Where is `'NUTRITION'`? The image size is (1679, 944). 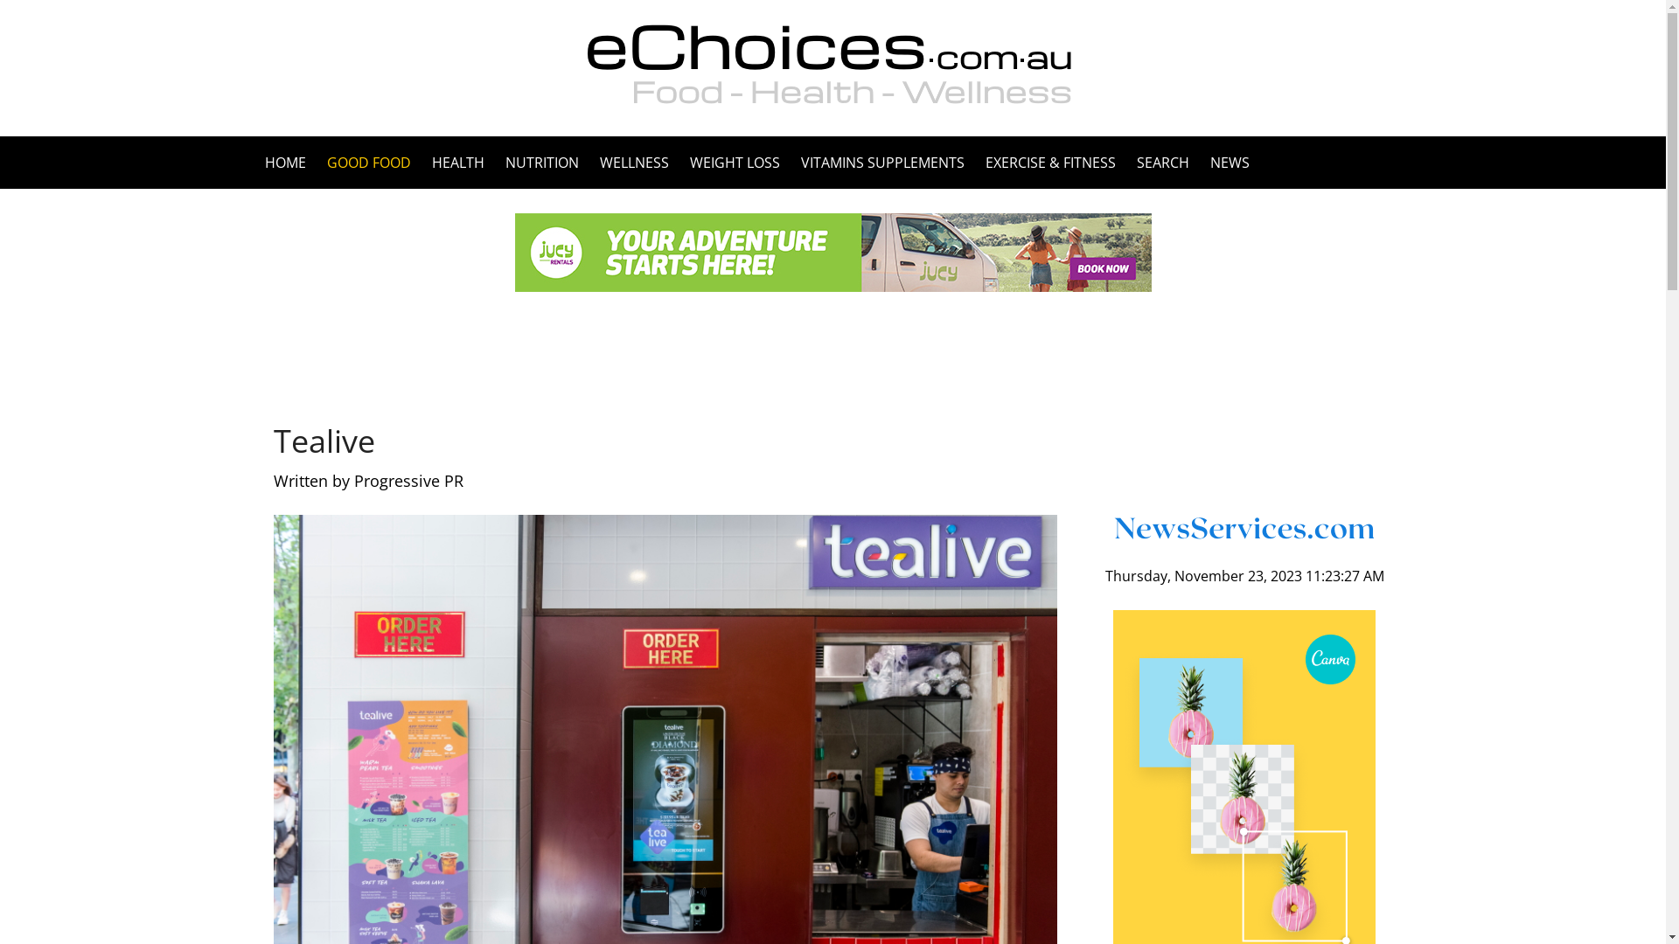 'NUTRITION' is located at coordinates (540, 162).